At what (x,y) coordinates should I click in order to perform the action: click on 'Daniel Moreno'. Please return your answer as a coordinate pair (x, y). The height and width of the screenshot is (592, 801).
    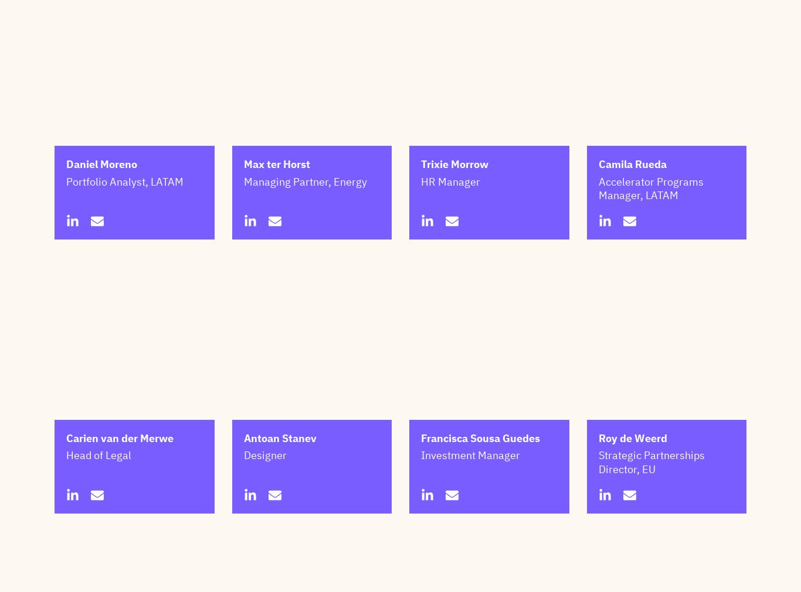
    Looking at the image, I should click on (101, 222).